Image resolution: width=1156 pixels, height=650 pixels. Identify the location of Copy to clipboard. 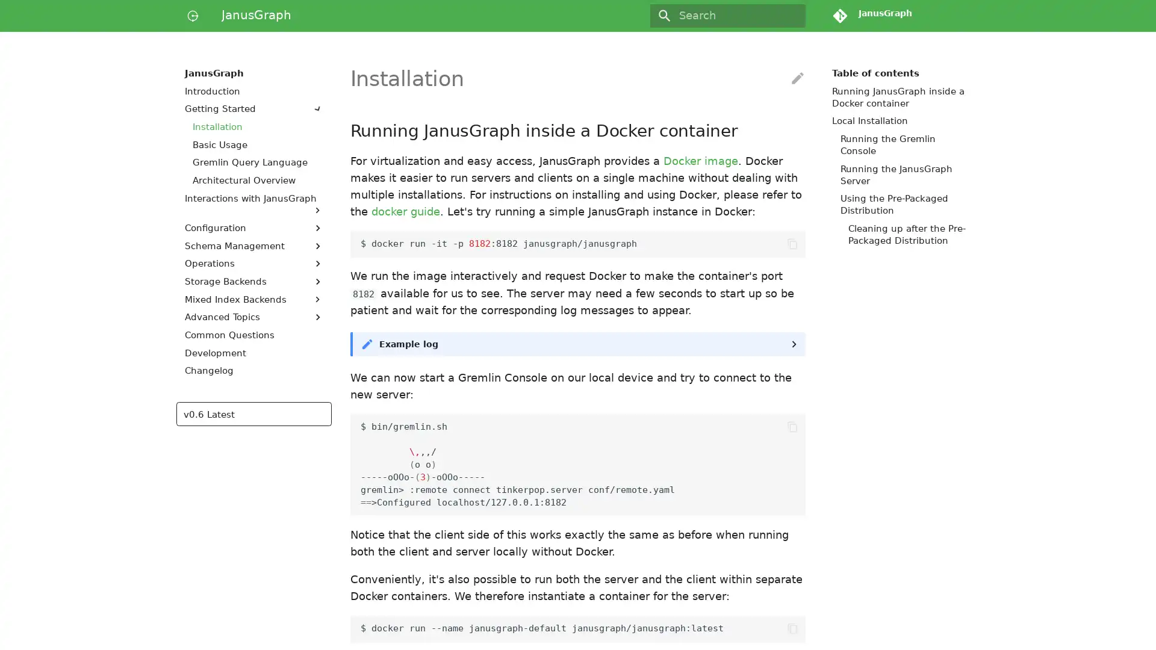
(792, 628).